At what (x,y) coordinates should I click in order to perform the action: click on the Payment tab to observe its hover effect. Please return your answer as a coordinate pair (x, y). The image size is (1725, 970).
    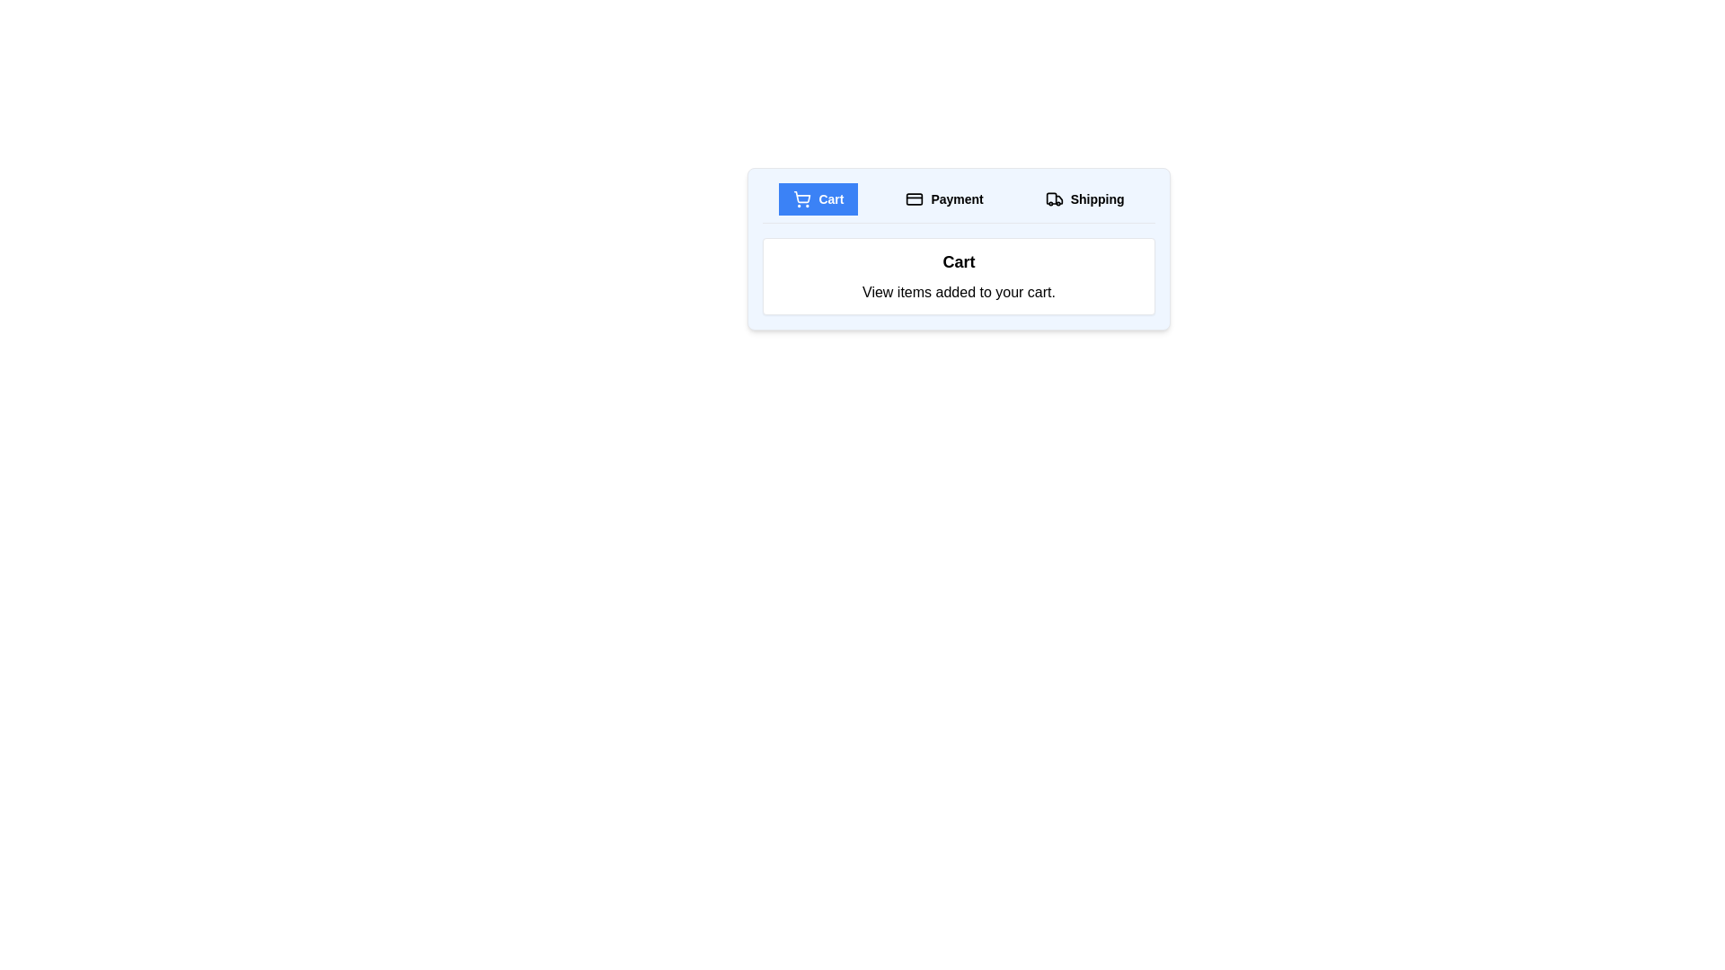
    Looking at the image, I should click on (943, 199).